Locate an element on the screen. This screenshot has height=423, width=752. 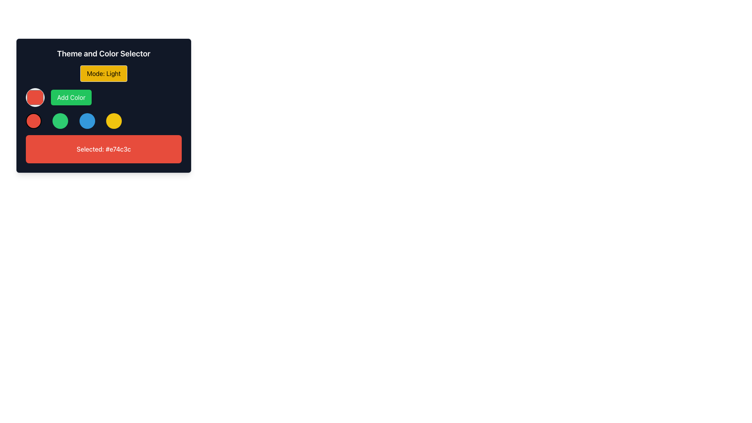
the blue circular button, which is the third in a row of four circular elements at the bottom section of the panel is located at coordinates (87, 121).